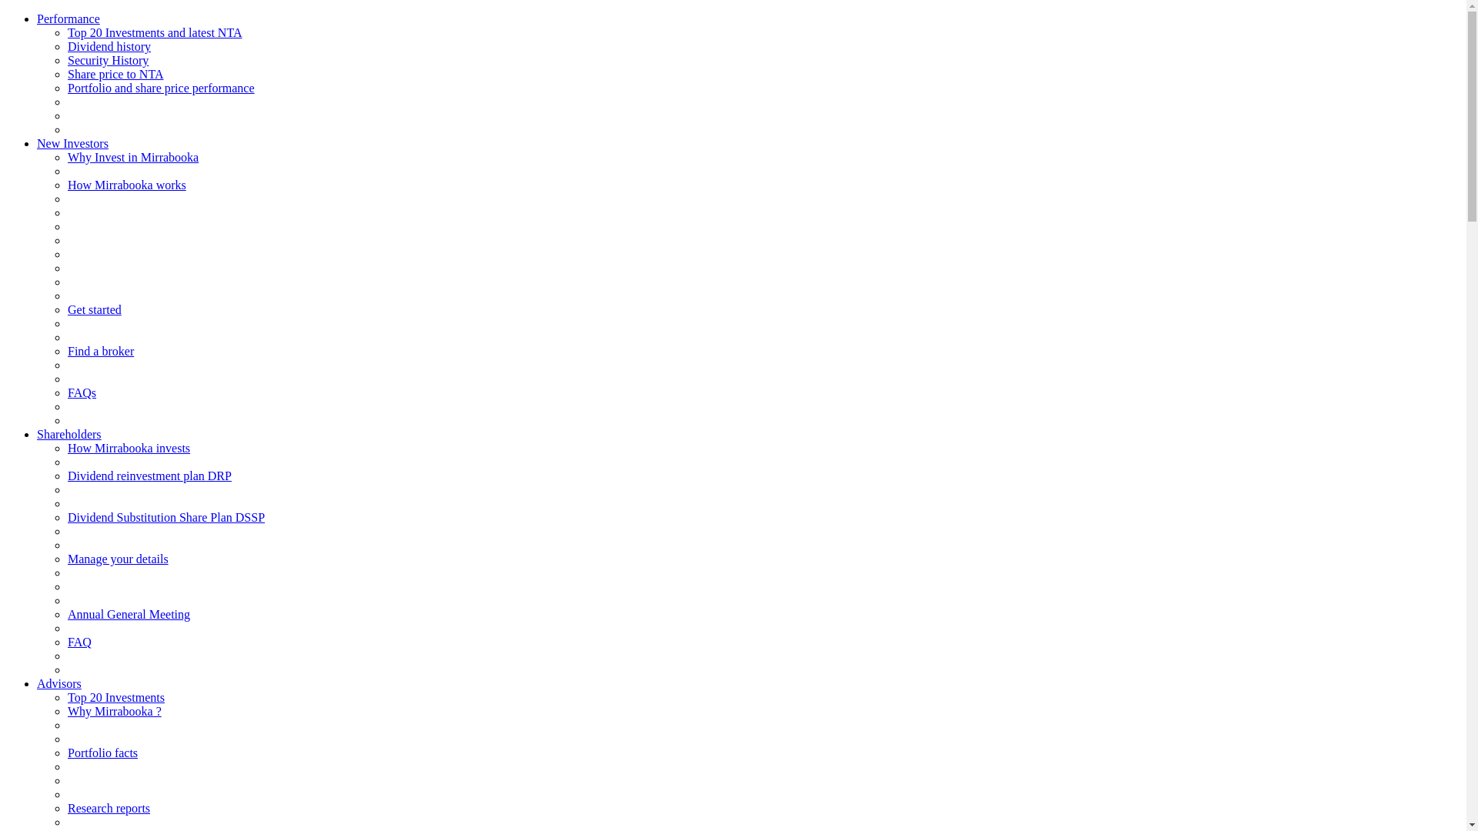 The width and height of the screenshot is (1478, 831). I want to click on 'Shareholders', so click(69, 434).